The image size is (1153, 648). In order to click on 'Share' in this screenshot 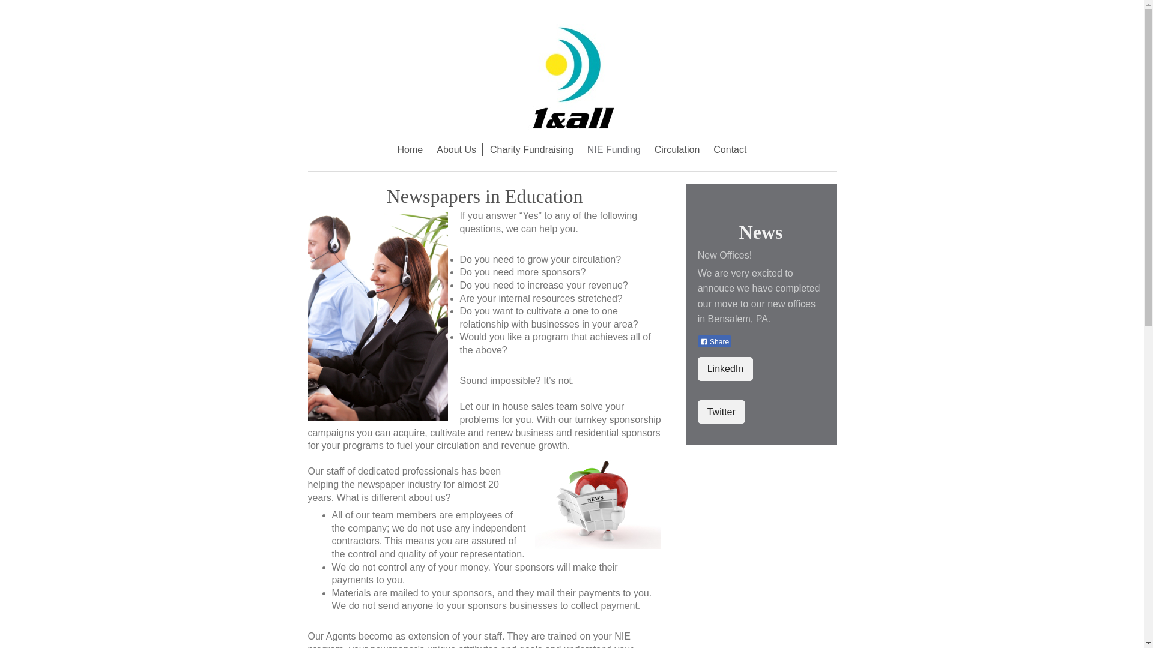, I will do `click(715, 341)`.